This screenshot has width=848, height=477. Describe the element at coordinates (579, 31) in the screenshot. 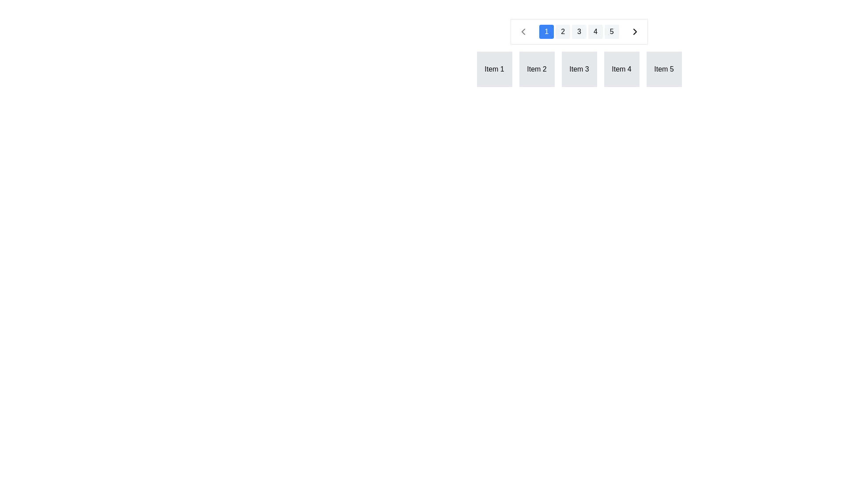

I see `the third button in a group of five buttons` at that location.